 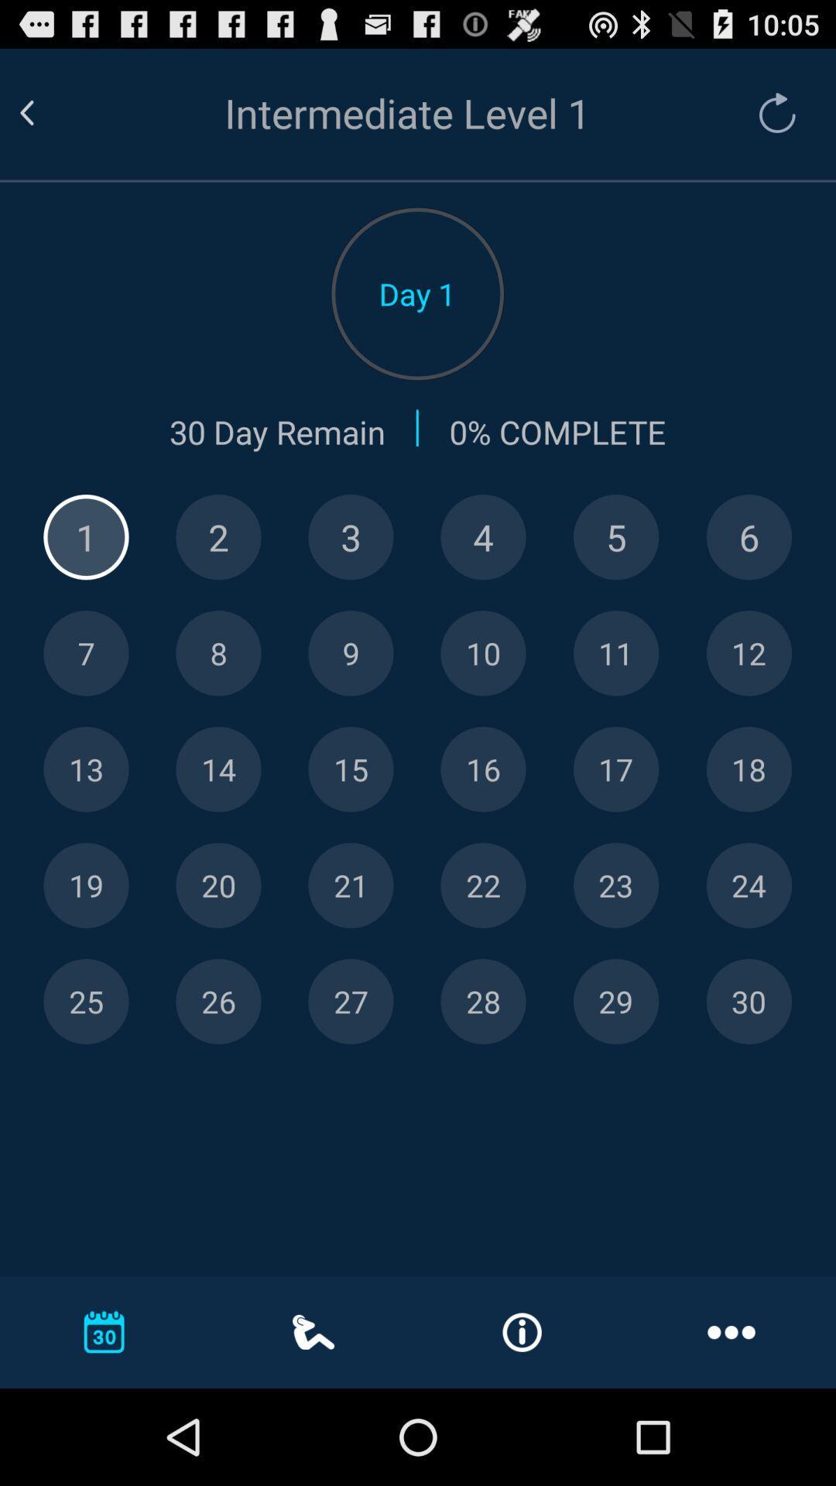 What do you see at coordinates (615, 769) in the screenshot?
I see `day 17` at bounding box center [615, 769].